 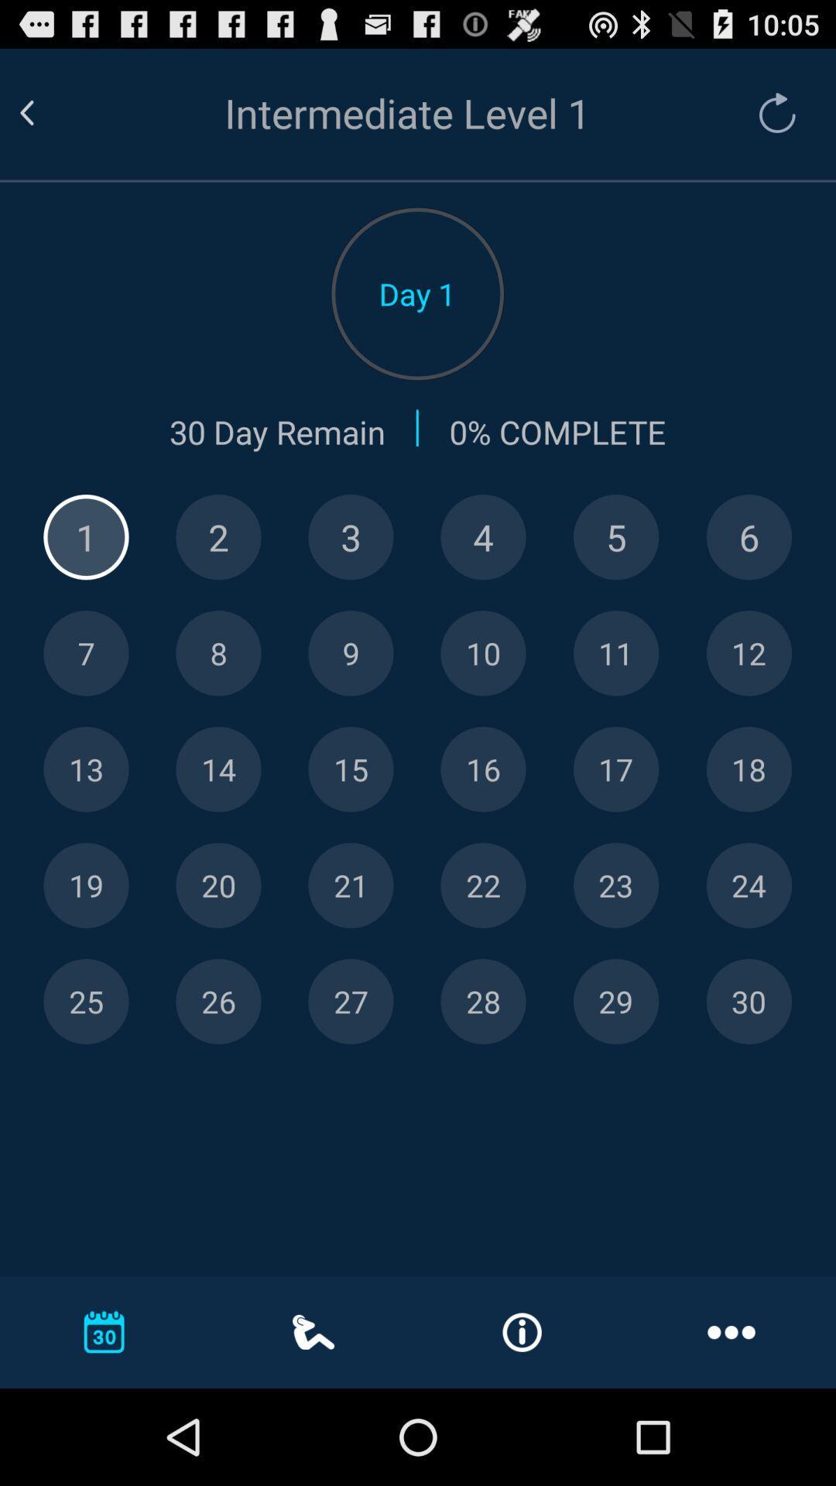 What do you see at coordinates (615, 769) in the screenshot?
I see `day 17` at bounding box center [615, 769].